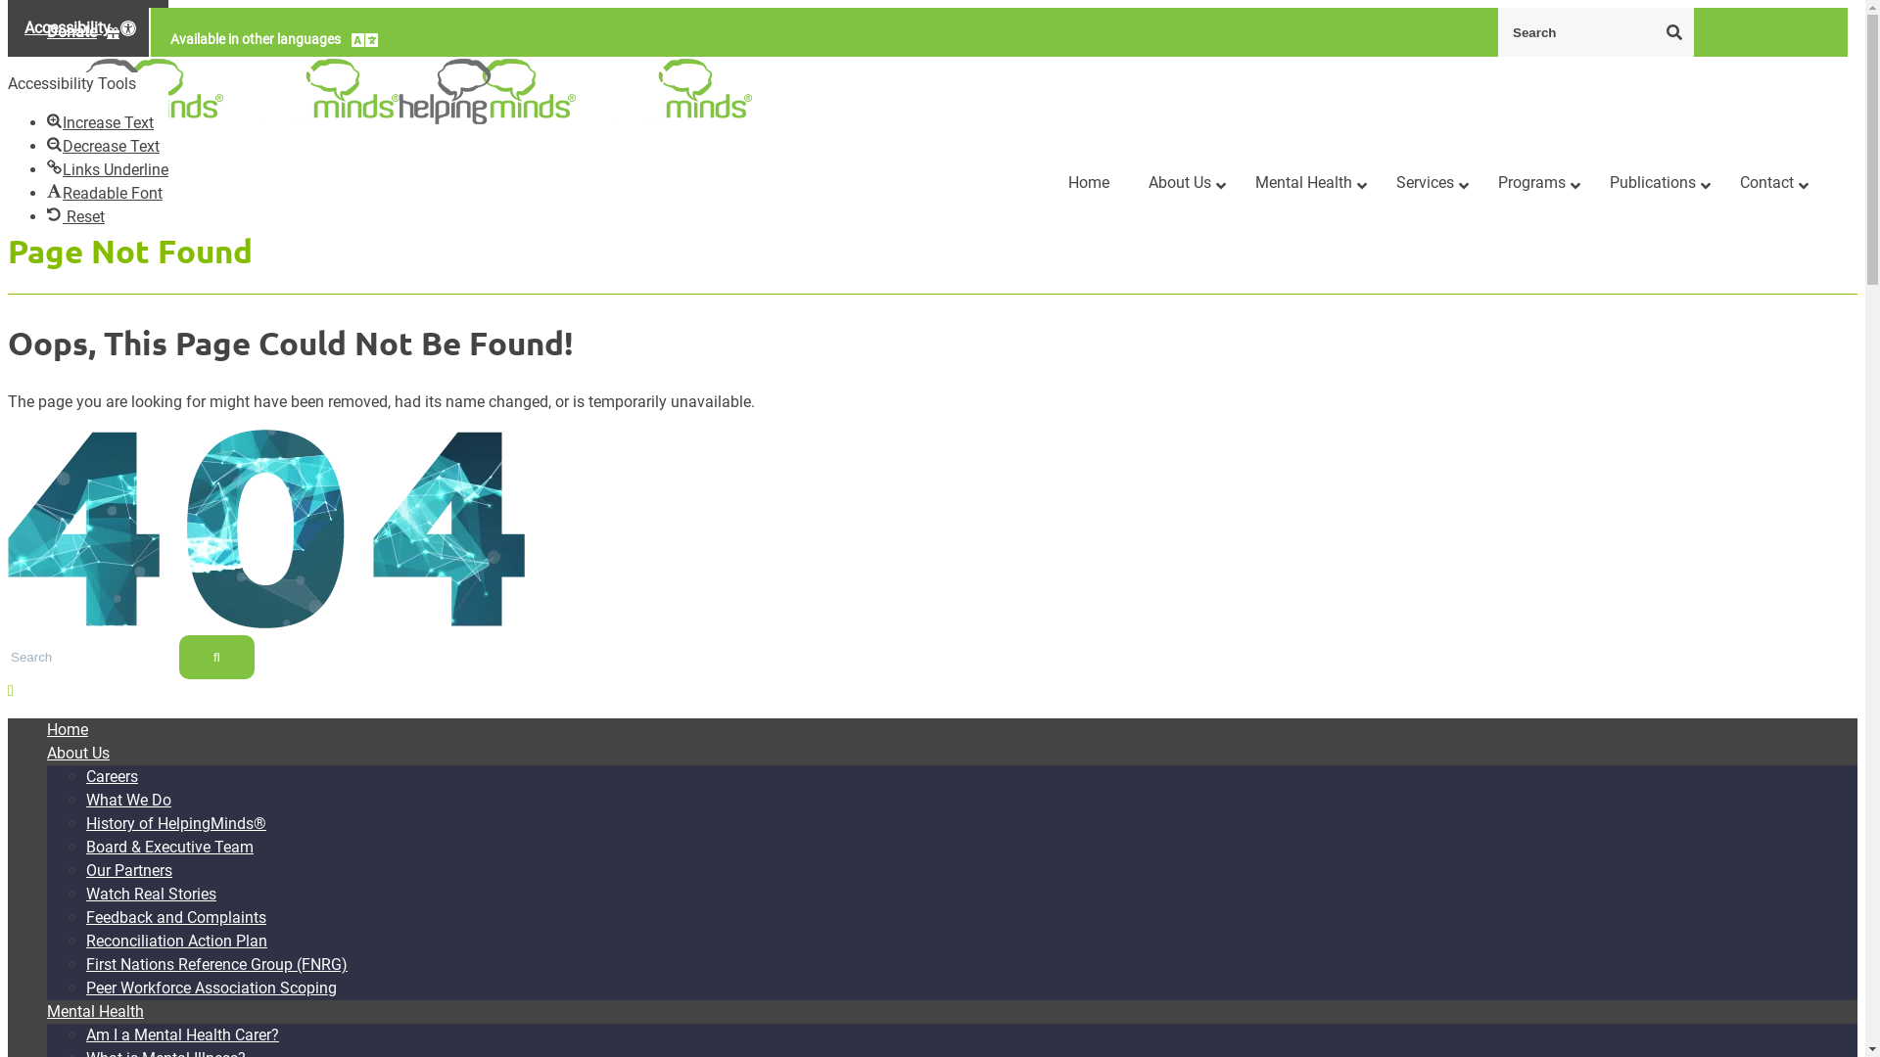 The image size is (1880, 1057). I want to click on 'Services', so click(1376, 183).